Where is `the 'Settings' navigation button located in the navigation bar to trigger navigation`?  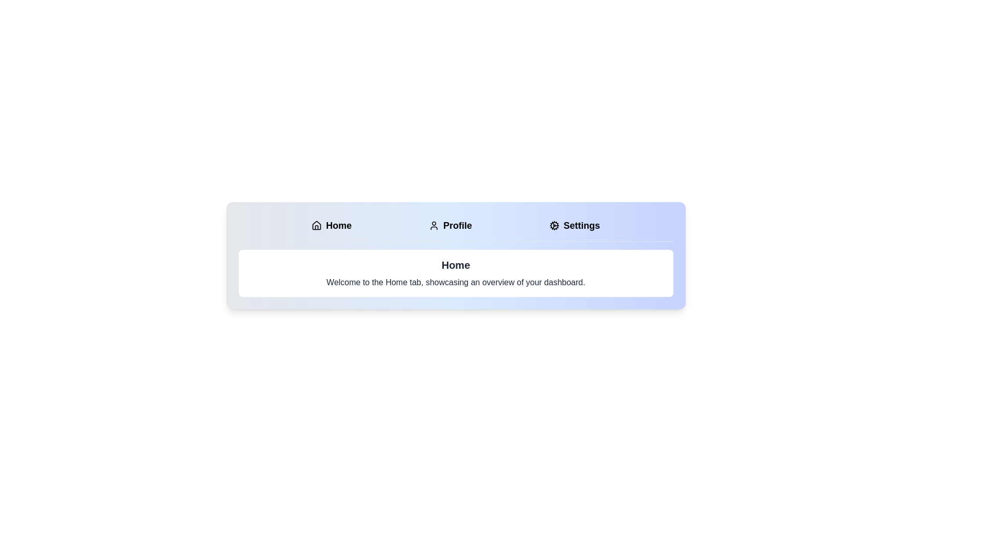 the 'Settings' navigation button located in the navigation bar to trigger navigation is located at coordinates (575, 225).